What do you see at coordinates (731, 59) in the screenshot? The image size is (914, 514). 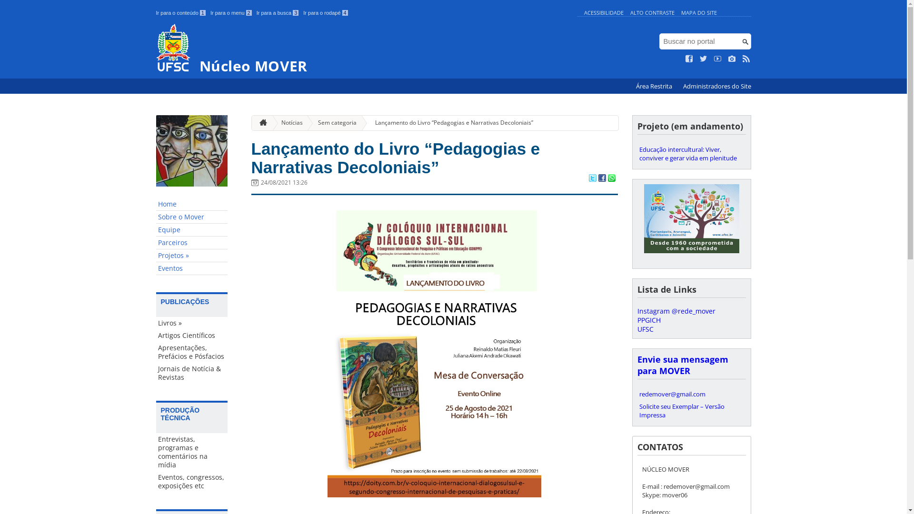 I see `'Veja no Instagram'` at bounding box center [731, 59].